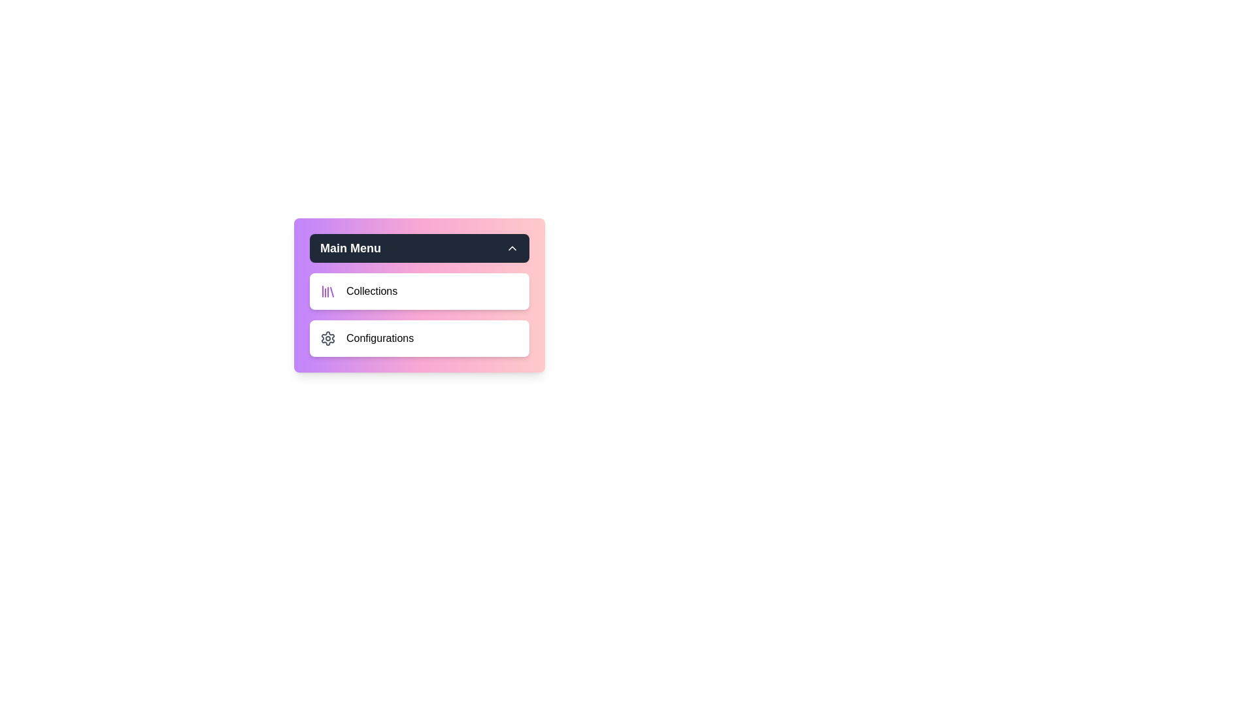 The height and width of the screenshot is (706, 1255). Describe the element at coordinates (350, 248) in the screenshot. I see `the static text label that serves as the label for the button toggling the visibility of the menu panel, positioned within the top-left corner of a dark-colored rectangular button` at that location.